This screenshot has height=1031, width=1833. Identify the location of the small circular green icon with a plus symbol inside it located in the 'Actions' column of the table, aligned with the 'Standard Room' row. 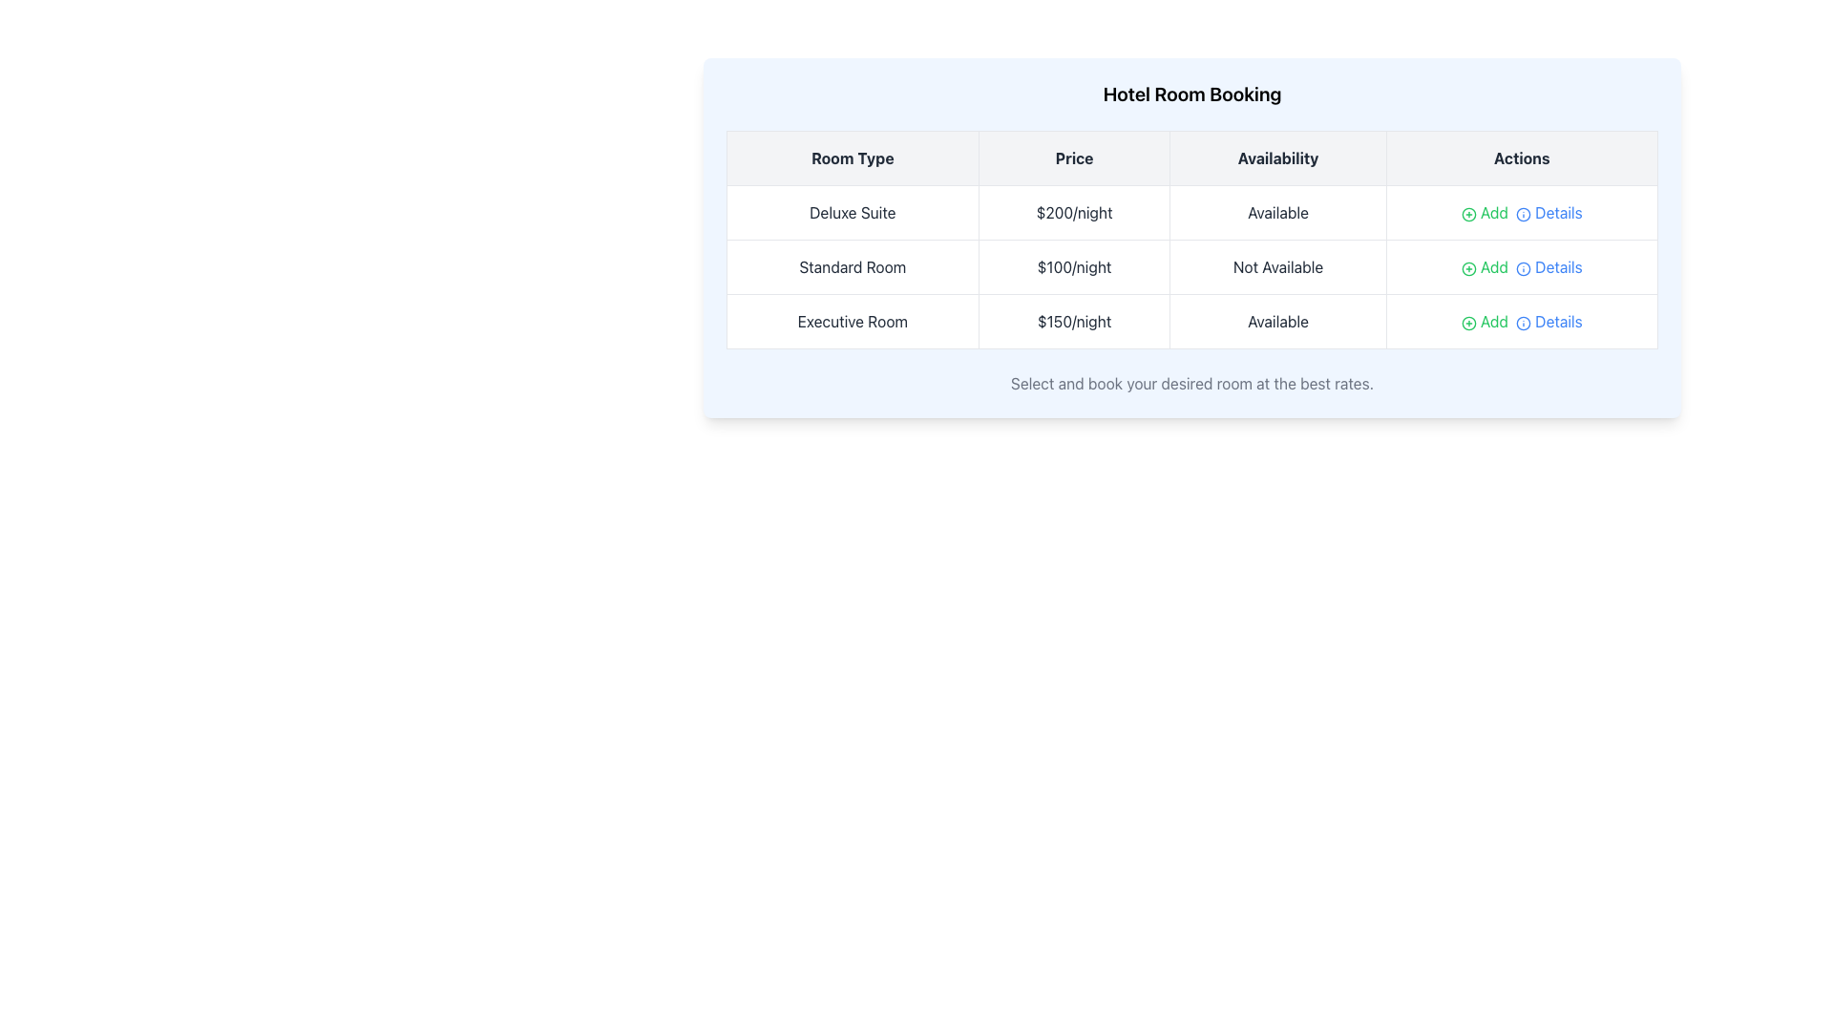
(1467, 268).